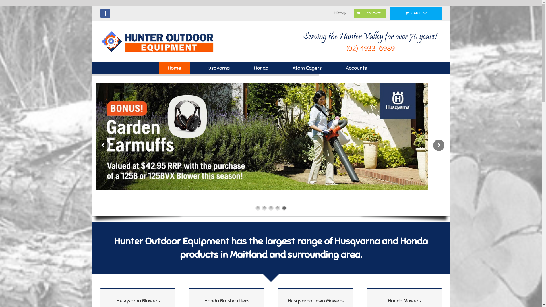 This screenshot has height=307, width=546. I want to click on 'Honda', so click(261, 68).